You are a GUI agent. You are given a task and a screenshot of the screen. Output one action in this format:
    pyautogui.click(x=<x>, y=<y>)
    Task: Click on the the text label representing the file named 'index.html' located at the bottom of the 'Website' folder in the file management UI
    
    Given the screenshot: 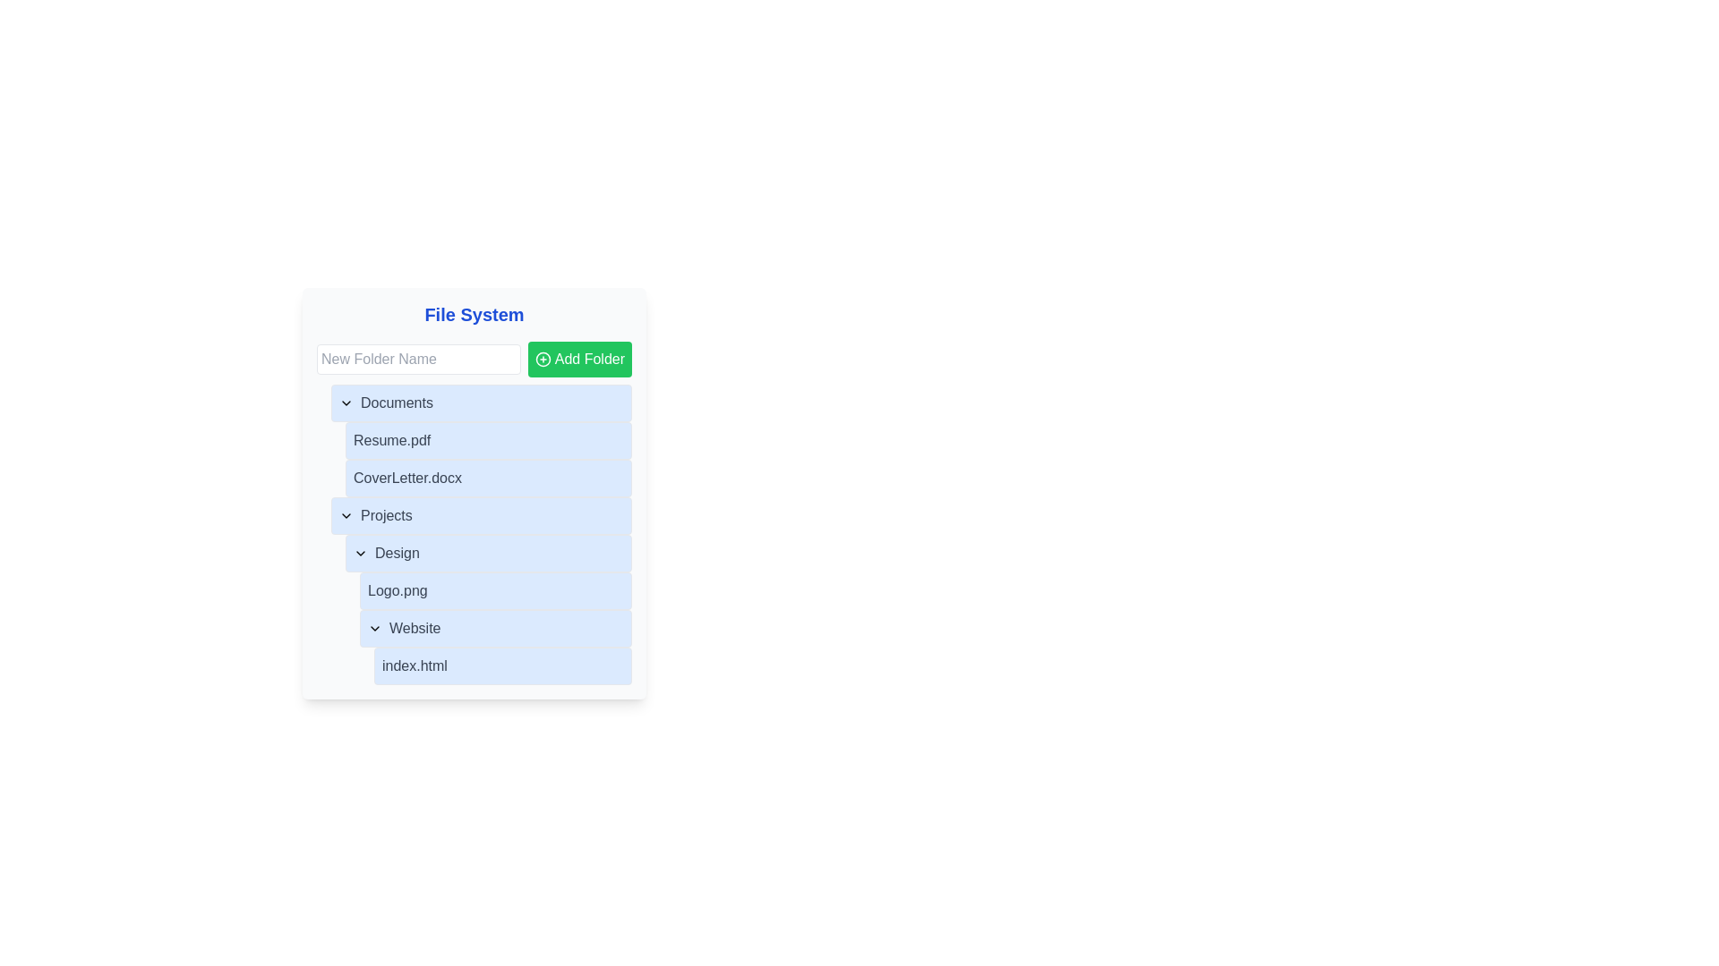 What is the action you would take?
    pyautogui.click(x=414, y=665)
    